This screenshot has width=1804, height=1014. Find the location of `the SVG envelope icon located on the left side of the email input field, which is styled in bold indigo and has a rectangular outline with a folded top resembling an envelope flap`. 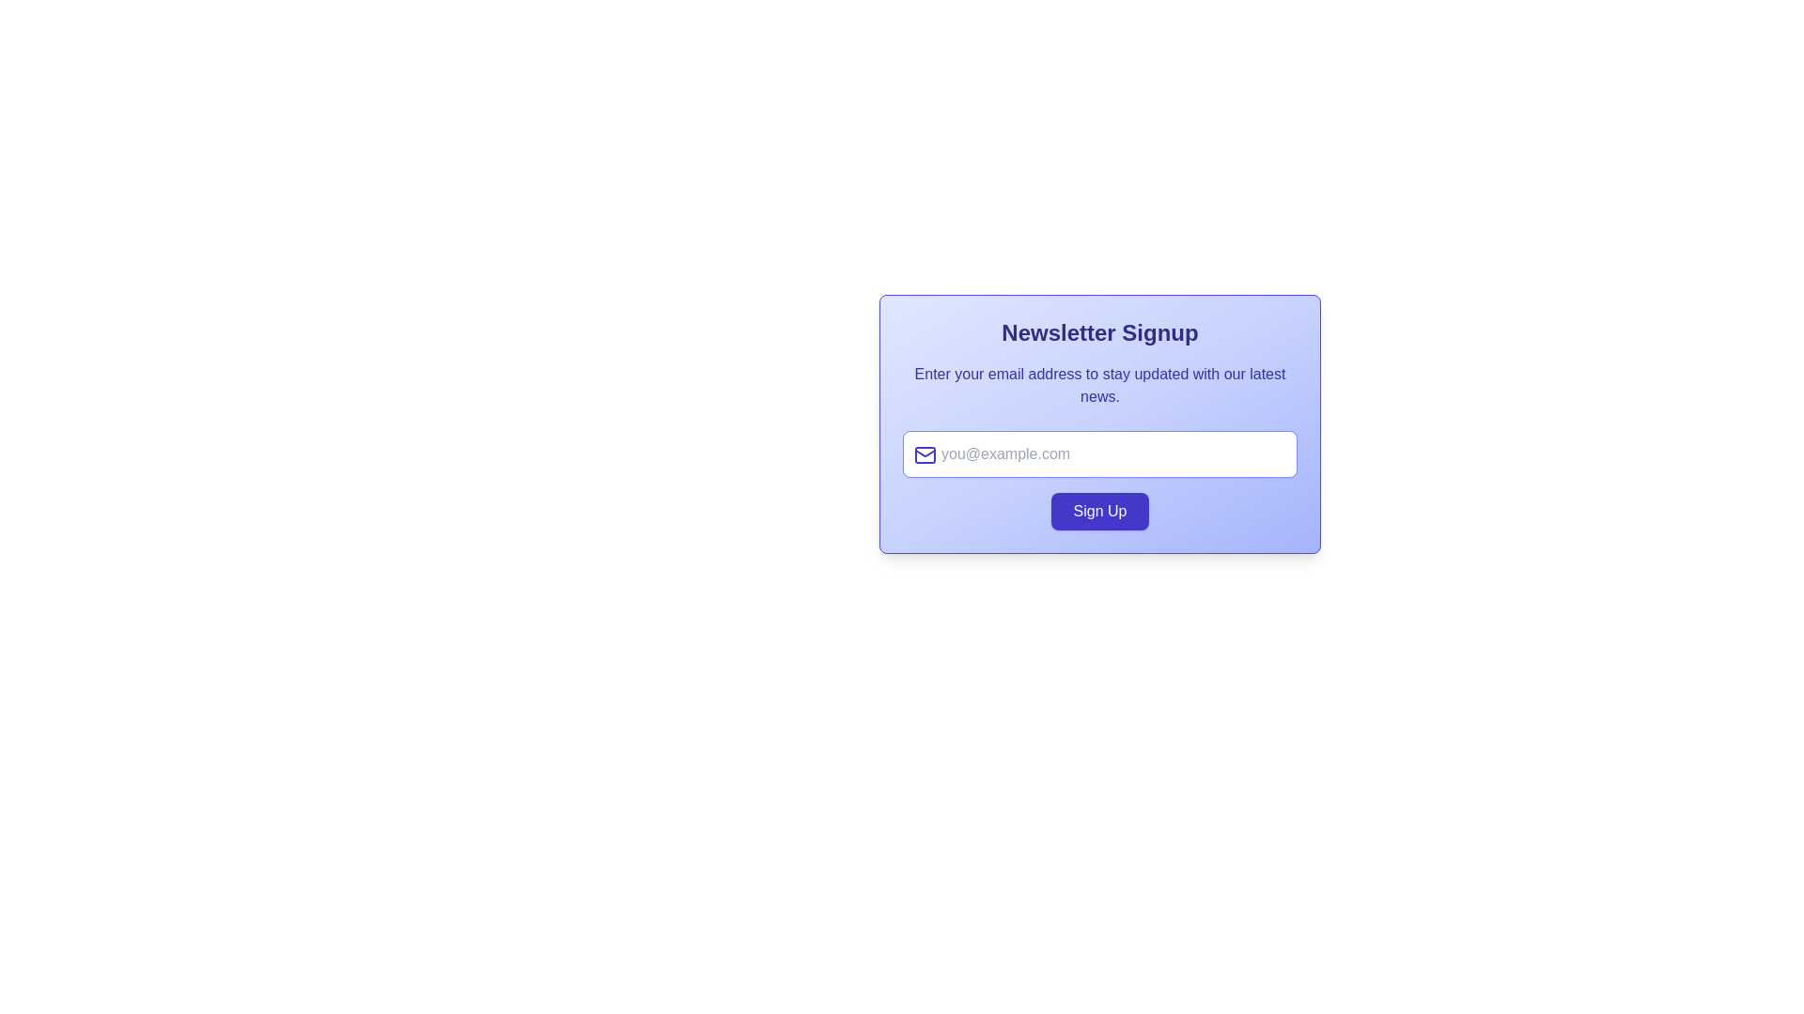

the SVG envelope icon located on the left side of the email input field, which is styled in bold indigo and has a rectangular outline with a folded top resembling an envelope flap is located at coordinates (925, 455).